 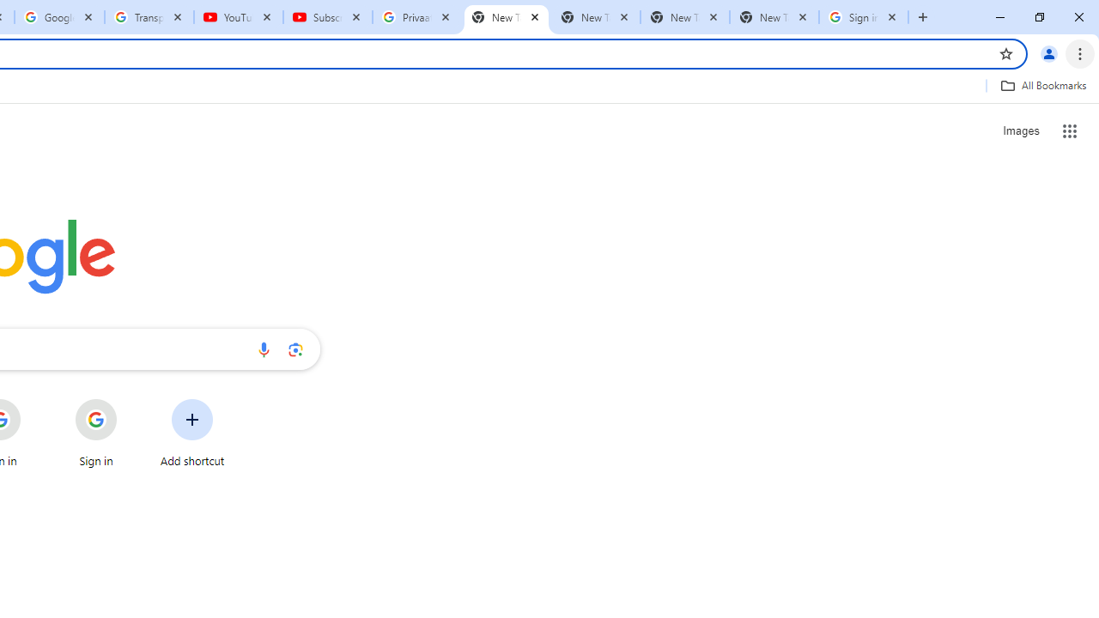 I want to click on 'New Tab', so click(x=773, y=17).